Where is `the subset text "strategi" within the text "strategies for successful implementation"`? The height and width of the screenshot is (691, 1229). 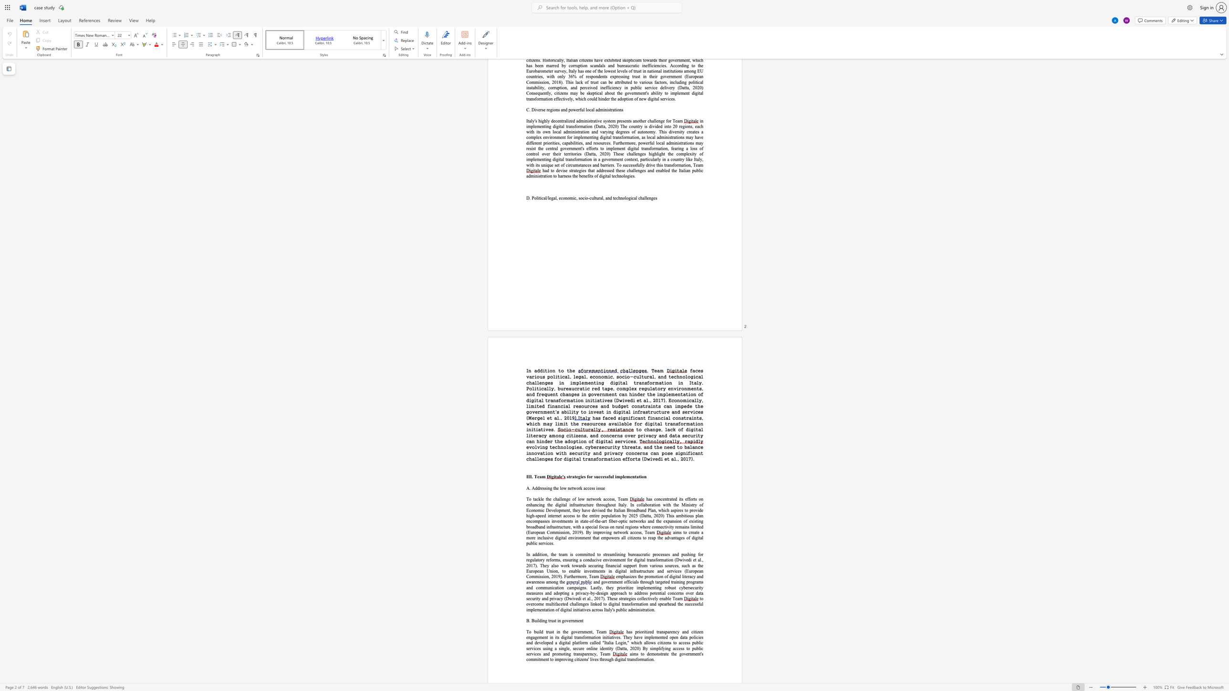 the subset text "strategi" within the text "strategies for successful implementation" is located at coordinates (566, 476).